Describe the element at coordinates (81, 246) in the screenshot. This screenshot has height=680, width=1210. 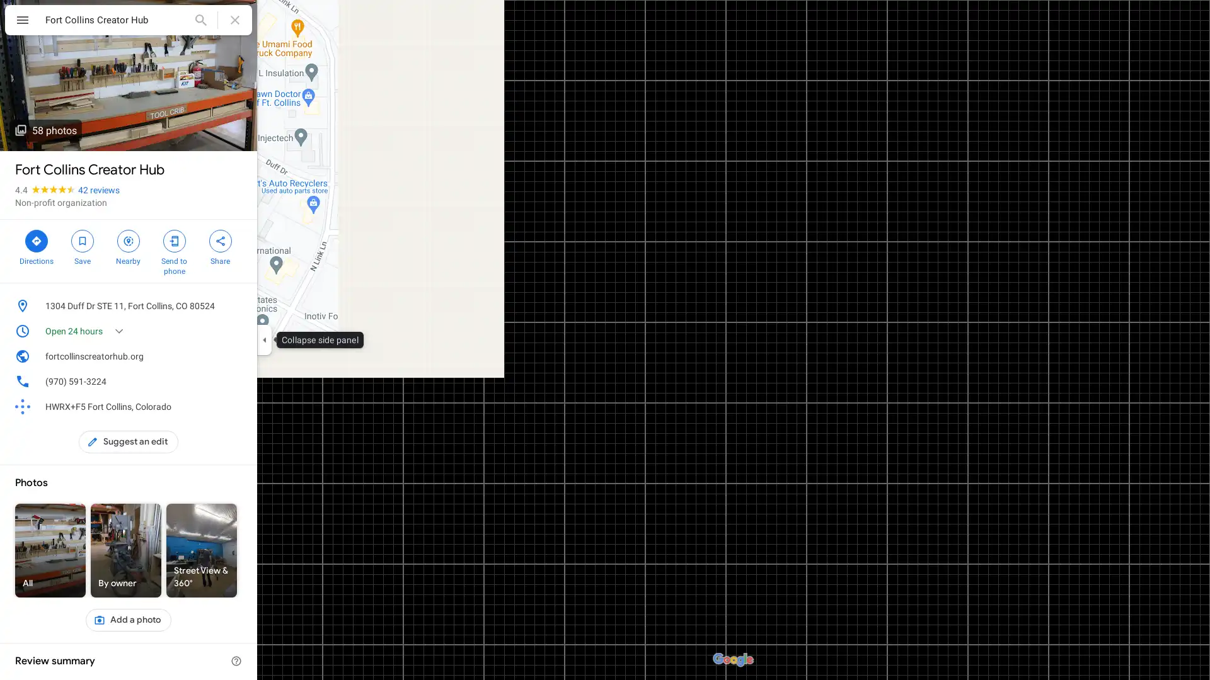
I see `Save Fort Collins Creator Hub in your lists` at that location.